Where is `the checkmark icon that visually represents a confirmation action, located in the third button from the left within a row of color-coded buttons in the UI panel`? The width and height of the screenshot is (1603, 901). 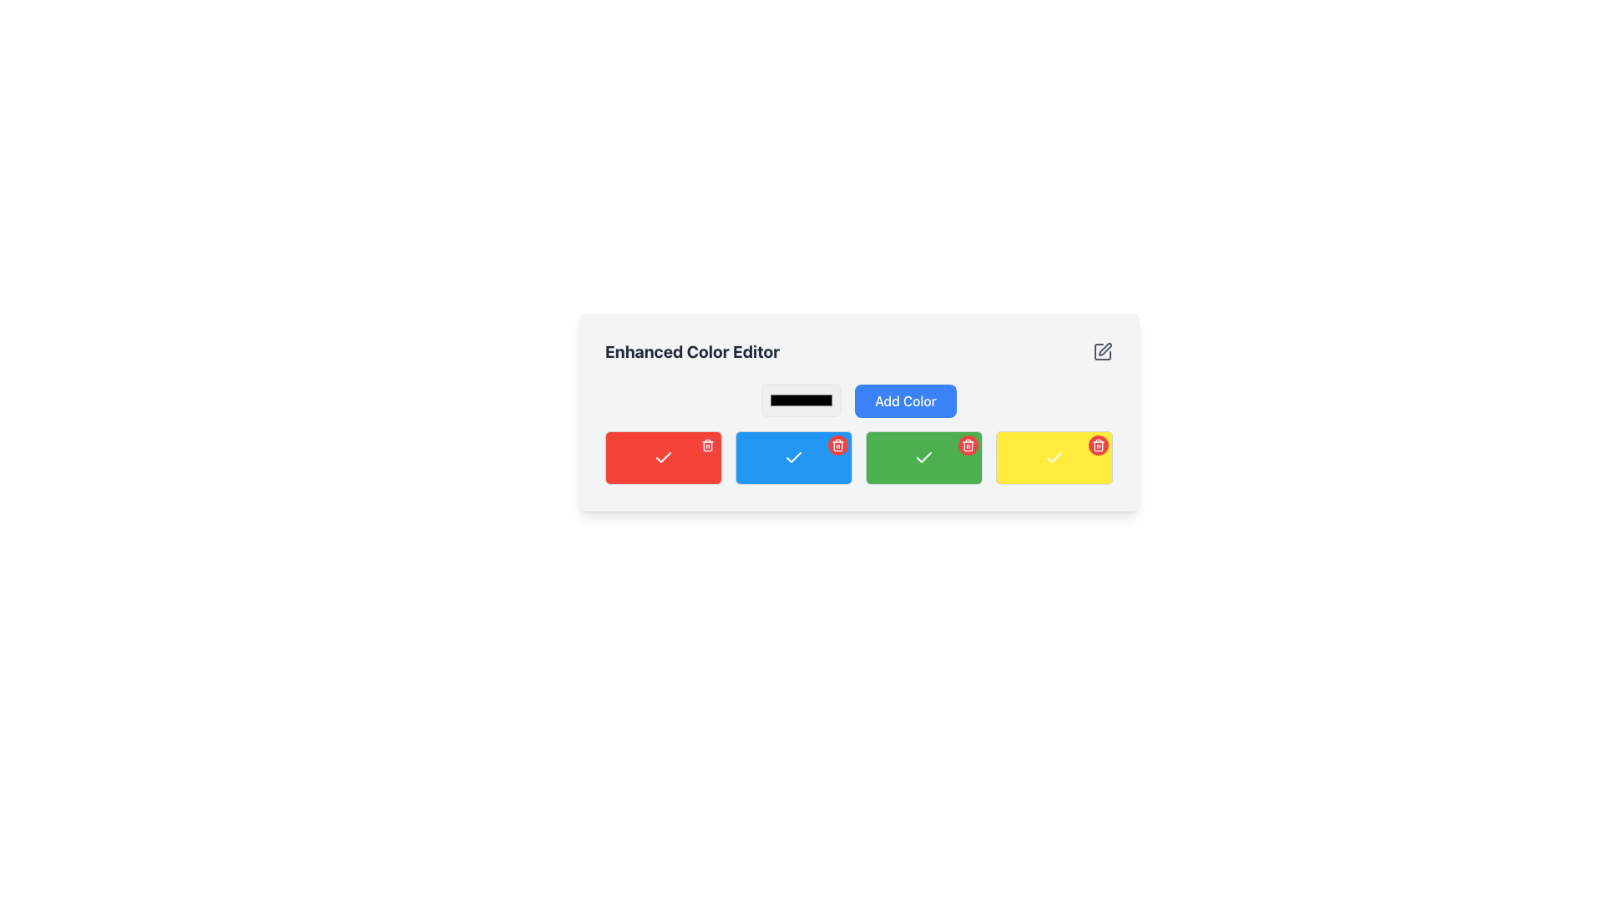
the checkmark icon that visually represents a confirmation action, located in the third button from the left within a row of color-coded buttons in the UI panel is located at coordinates (923, 456).